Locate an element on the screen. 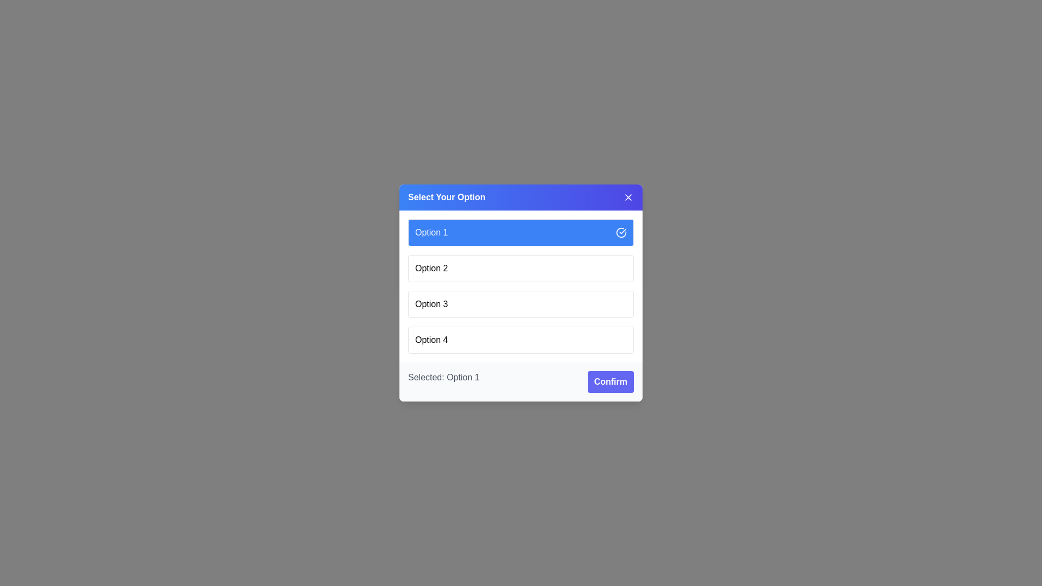  the first selectable option in the list within the modal dialog is located at coordinates (521, 232).